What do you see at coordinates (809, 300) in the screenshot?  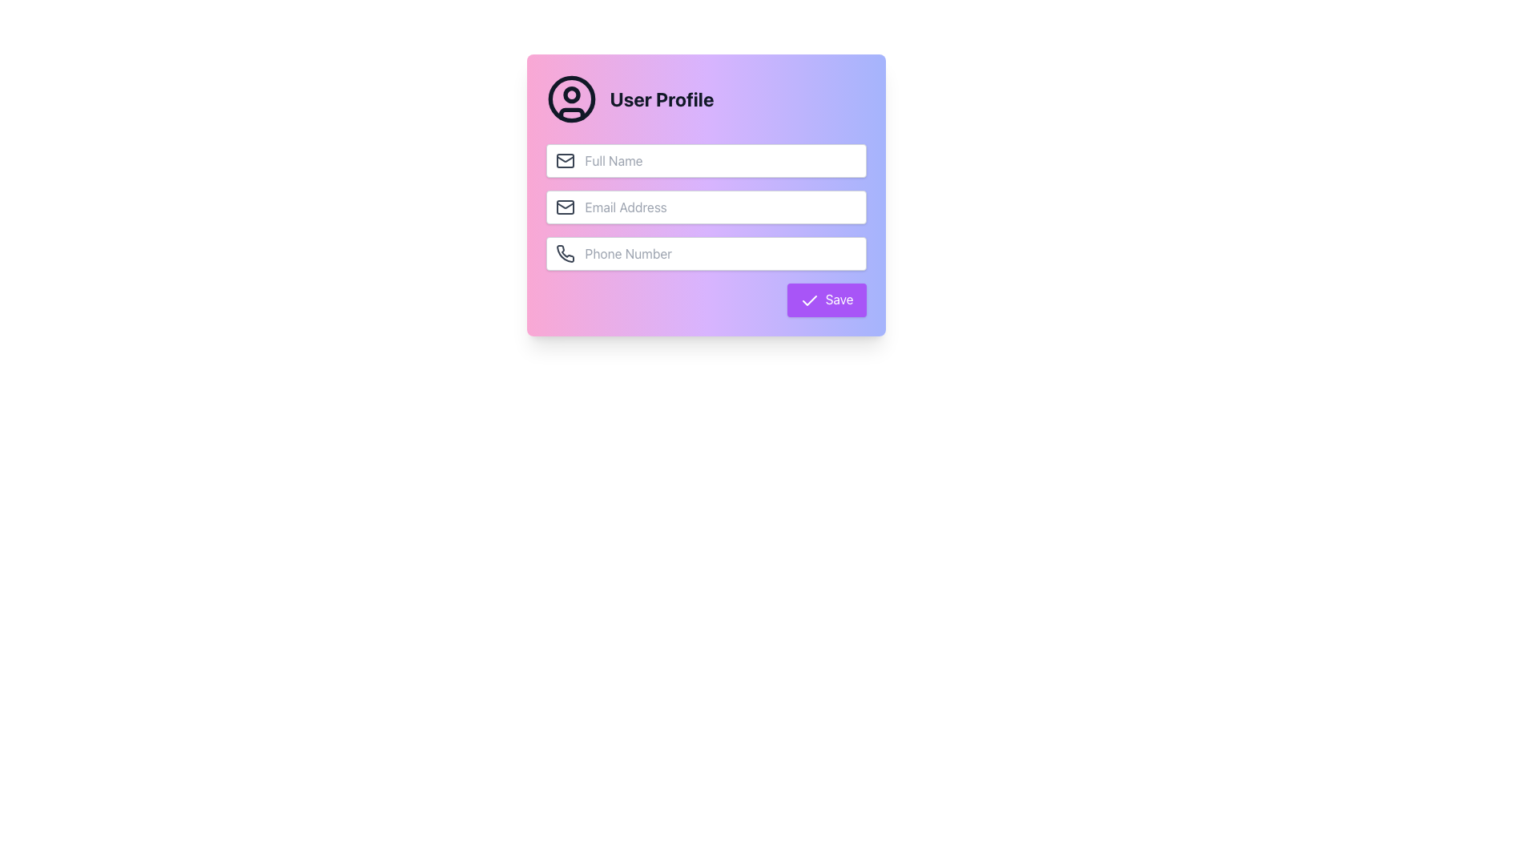 I see `the decorative checkmark icon located to the left of the 'Save' text on the purple button at the bottom-right of the user profile form` at bounding box center [809, 300].